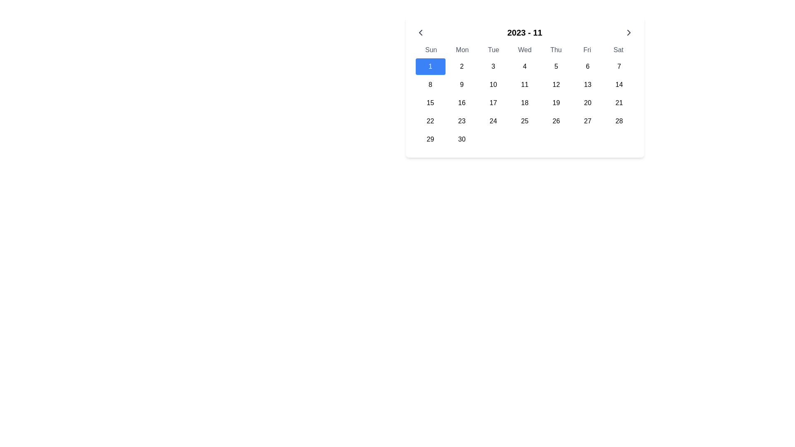 This screenshot has width=795, height=447. Describe the element at coordinates (461, 139) in the screenshot. I see `the calendar day button representing the 30th day of the month to change its background color` at that location.